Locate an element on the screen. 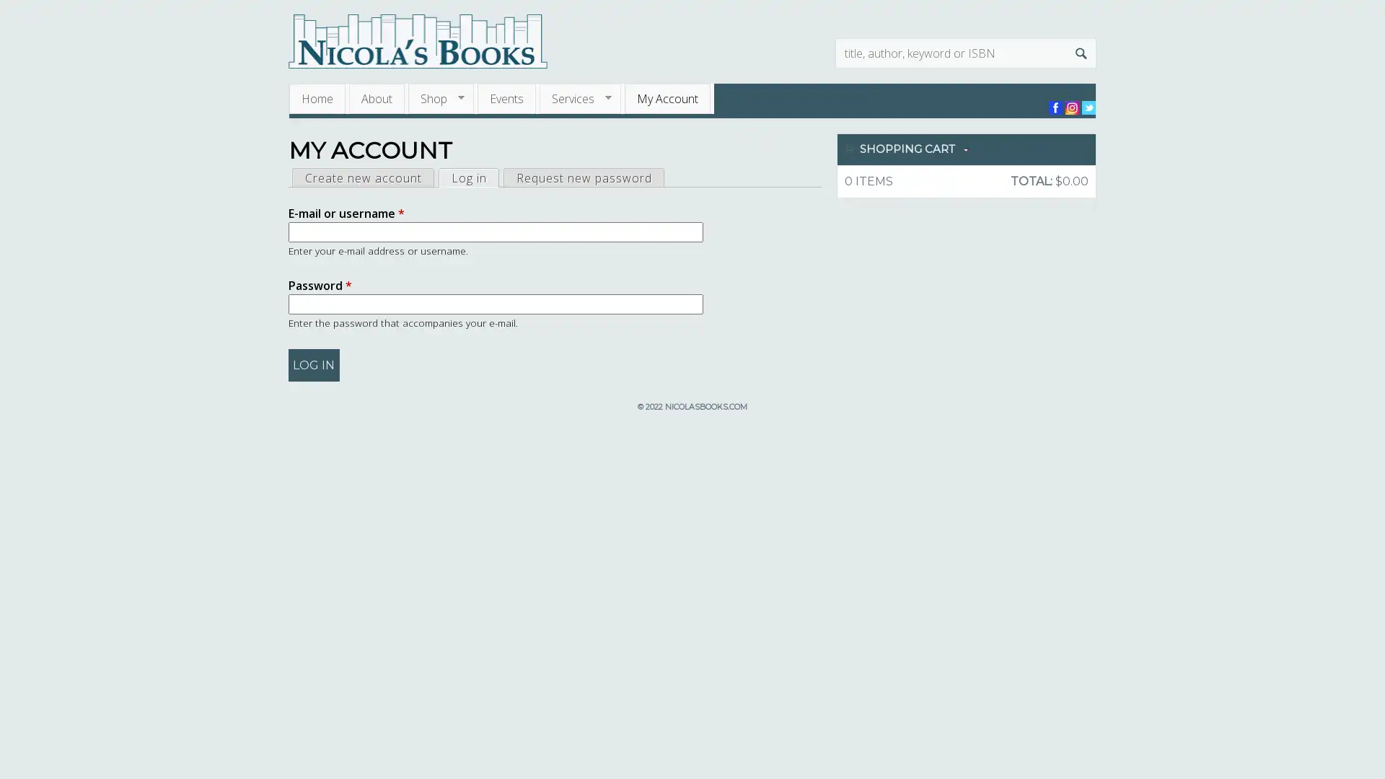  Search is located at coordinates (1081, 52).